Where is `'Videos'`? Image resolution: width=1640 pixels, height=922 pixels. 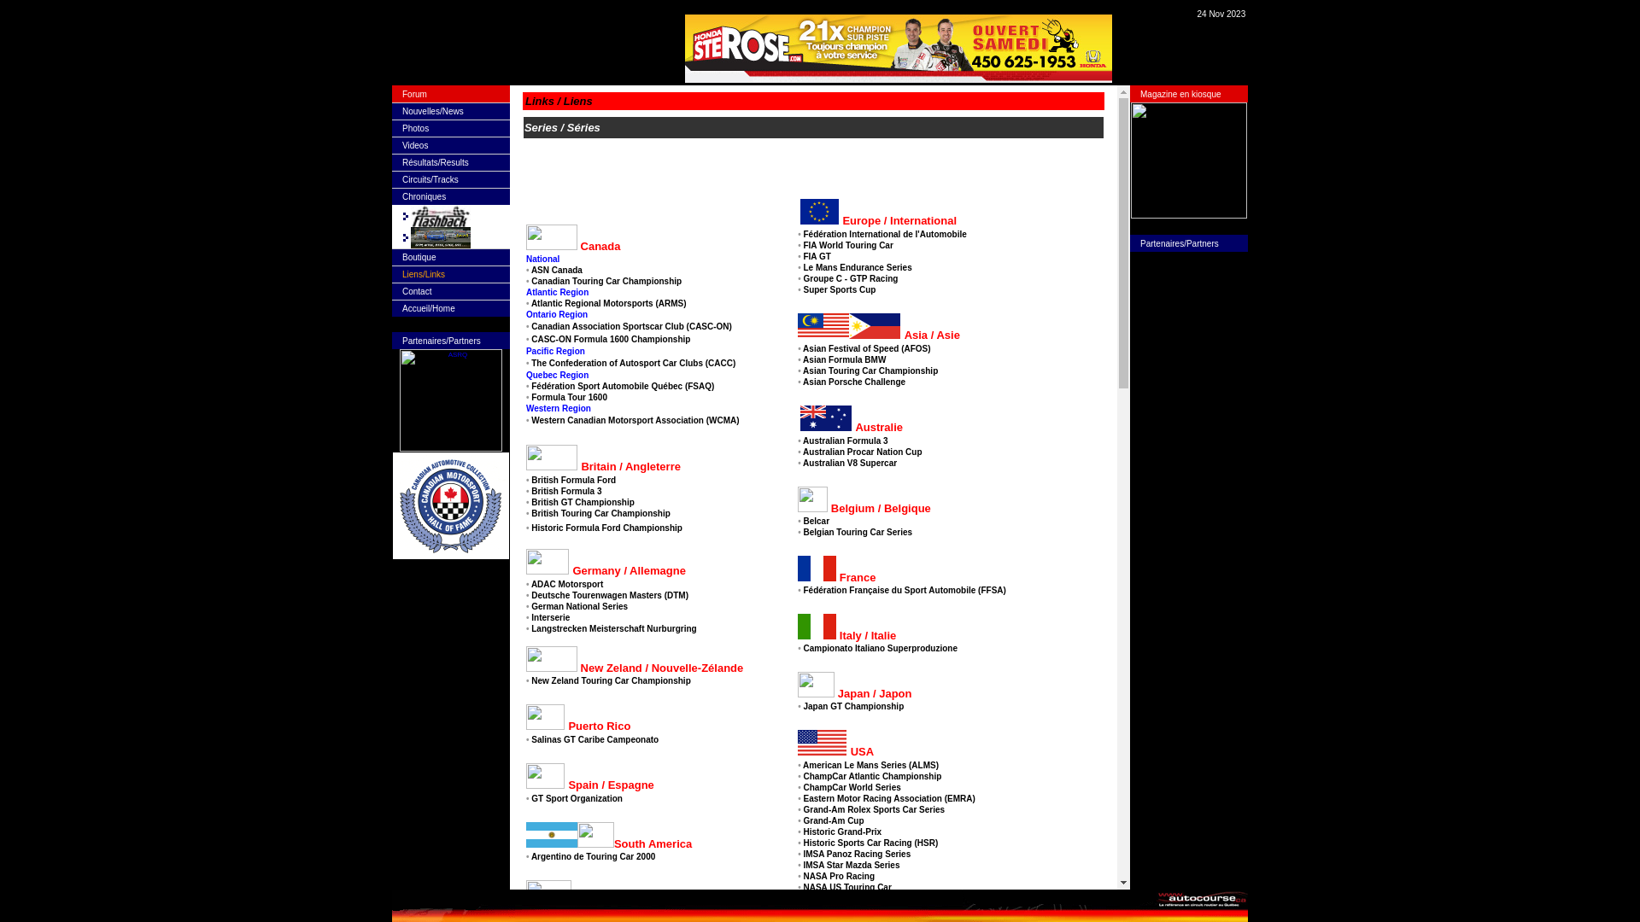
'Videos' is located at coordinates (414, 144).